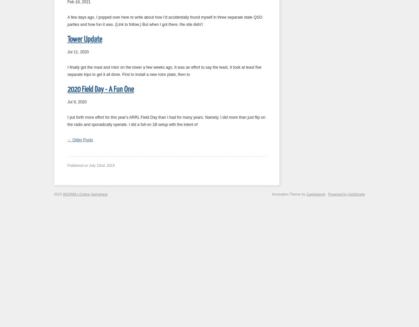  Describe the element at coordinates (165, 21) in the screenshot. I see `'A few days ago, I popped over here to write about how I'd accidentally found myself in three separate state QSO parties and how fun it was. (Link to follow.) But when I got there, the site didn't'` at that location.